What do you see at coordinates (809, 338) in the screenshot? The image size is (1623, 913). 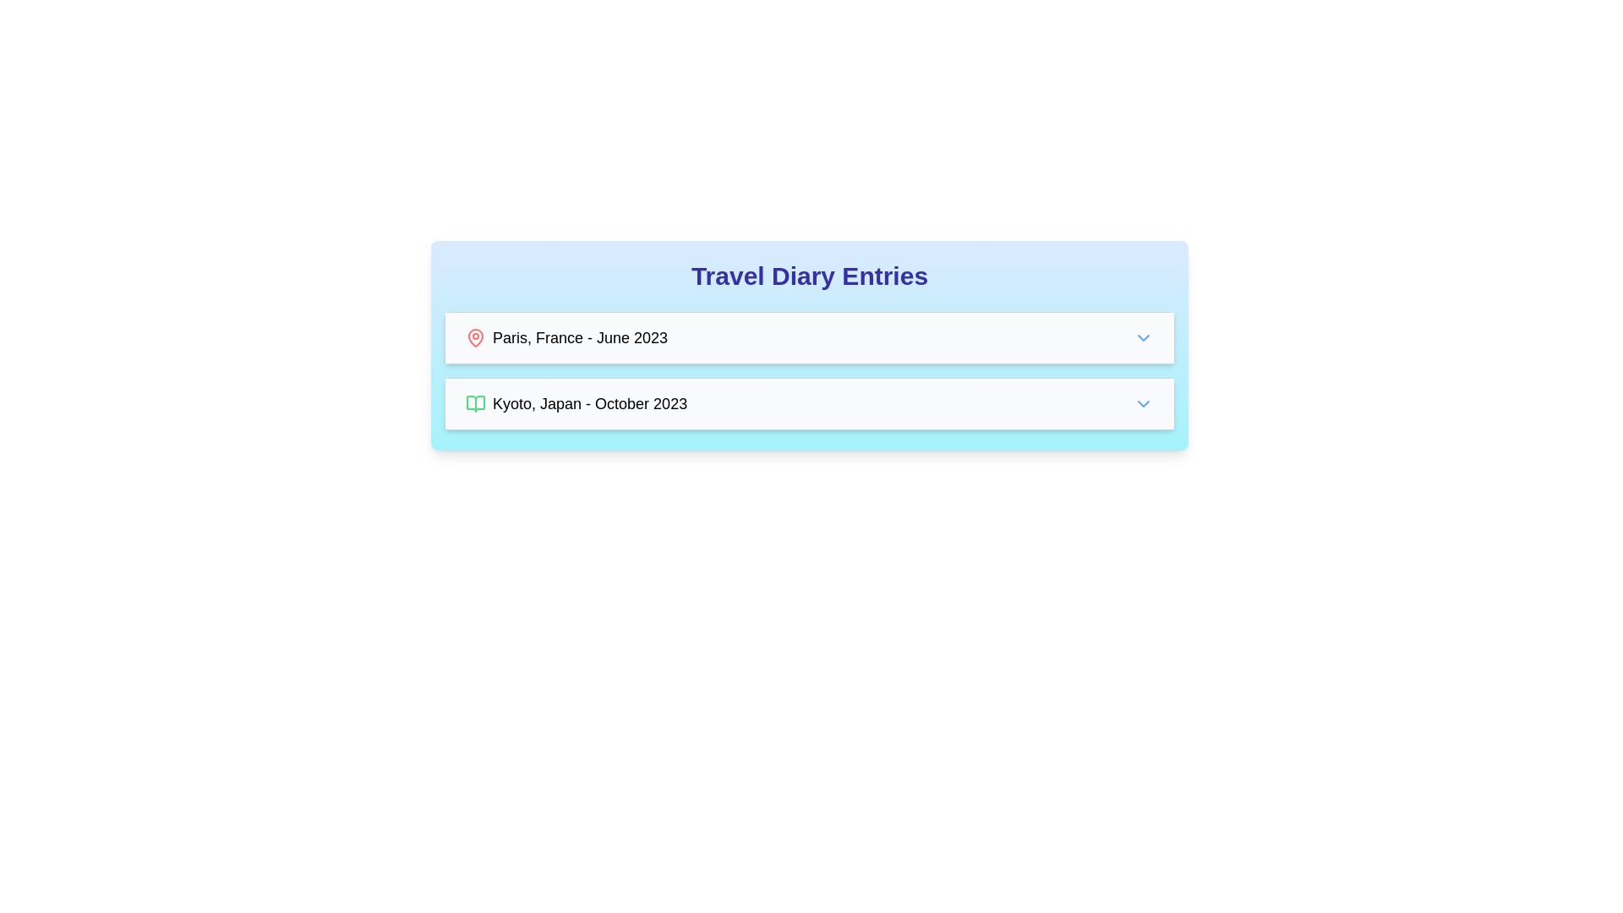 I see `the button labeled 'Paris, France - June 2023' which is accompanied by a red pin icon on the left and a blue downward chevron icon on the right` at bounding box center [809, 338].